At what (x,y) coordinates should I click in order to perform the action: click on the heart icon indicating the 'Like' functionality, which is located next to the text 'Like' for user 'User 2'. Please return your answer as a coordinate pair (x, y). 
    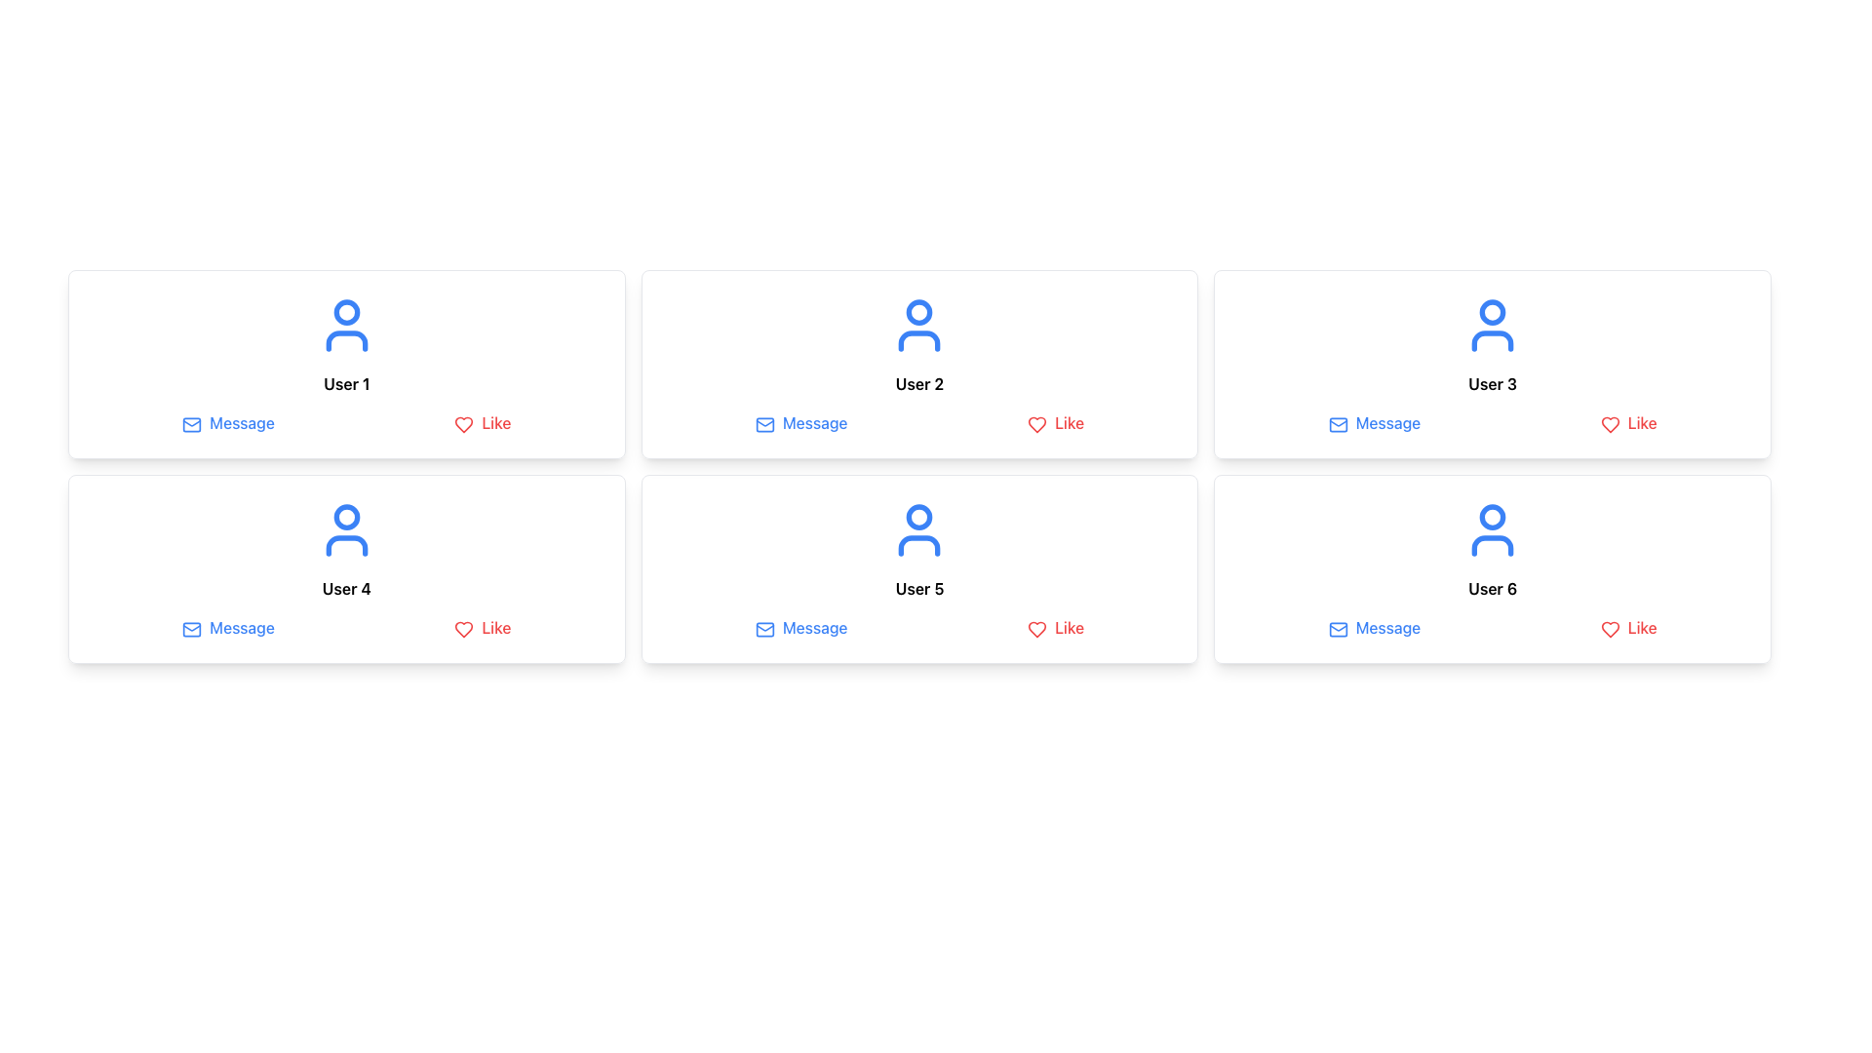
    Looking at the image, I should click on (1036, 423).